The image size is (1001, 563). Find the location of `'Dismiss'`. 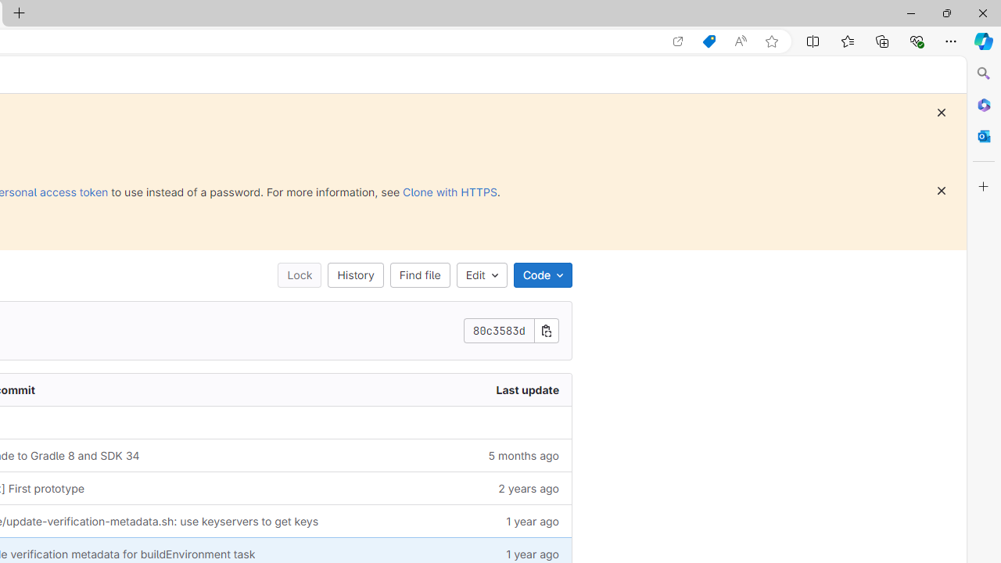

'Dismiss' is located at coordinates (940, 190).